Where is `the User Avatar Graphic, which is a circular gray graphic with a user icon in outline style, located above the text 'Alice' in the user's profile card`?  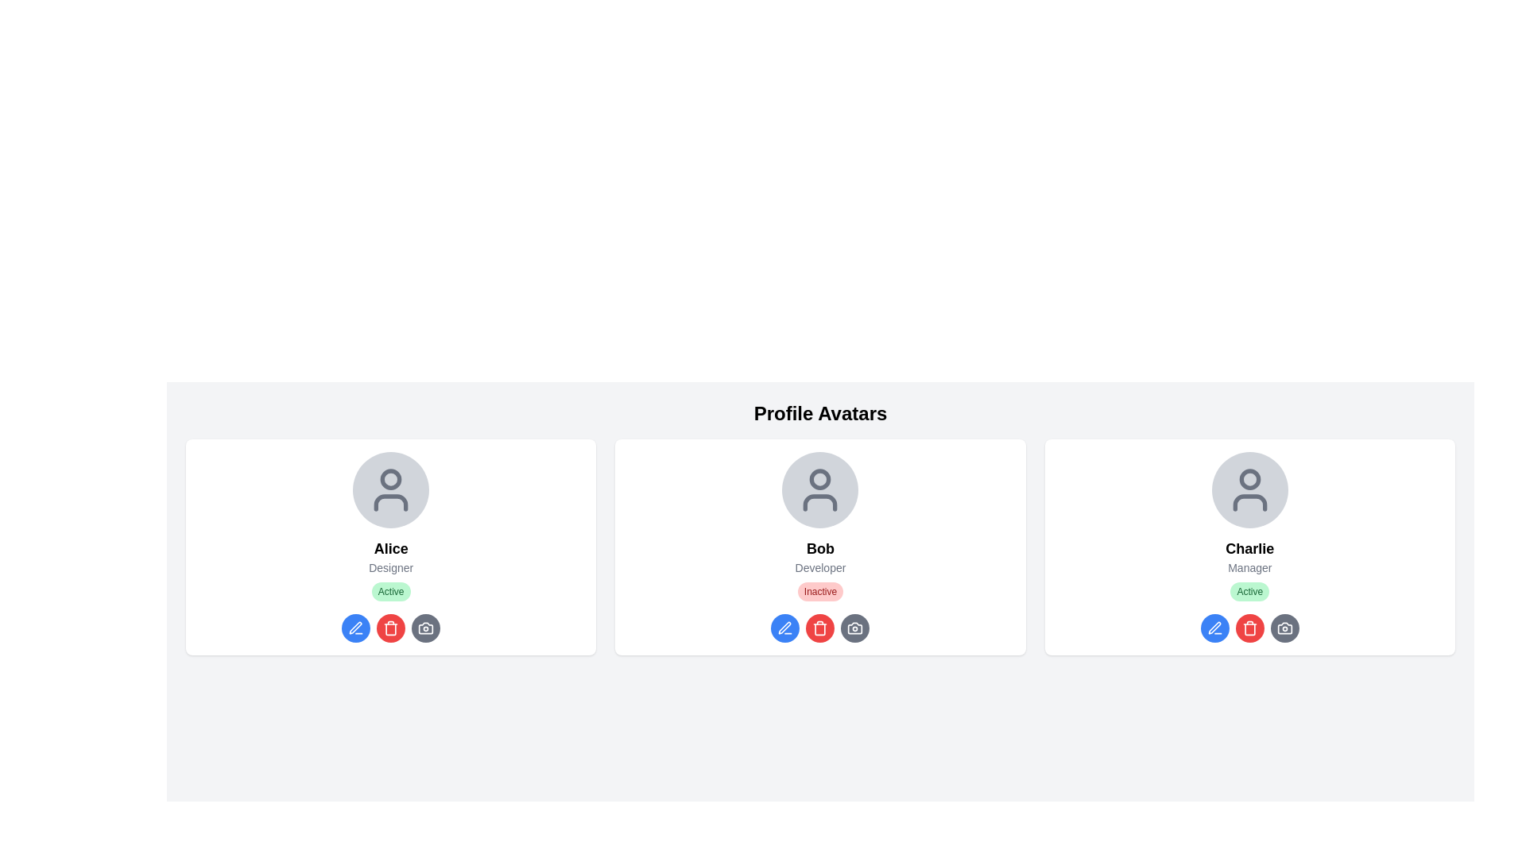
the User Avatar Graphic, which is a circular gray graphic with a user icon in outline style, located above the text 'Alice' in the user's profile card is located at coordinates (391, 489).